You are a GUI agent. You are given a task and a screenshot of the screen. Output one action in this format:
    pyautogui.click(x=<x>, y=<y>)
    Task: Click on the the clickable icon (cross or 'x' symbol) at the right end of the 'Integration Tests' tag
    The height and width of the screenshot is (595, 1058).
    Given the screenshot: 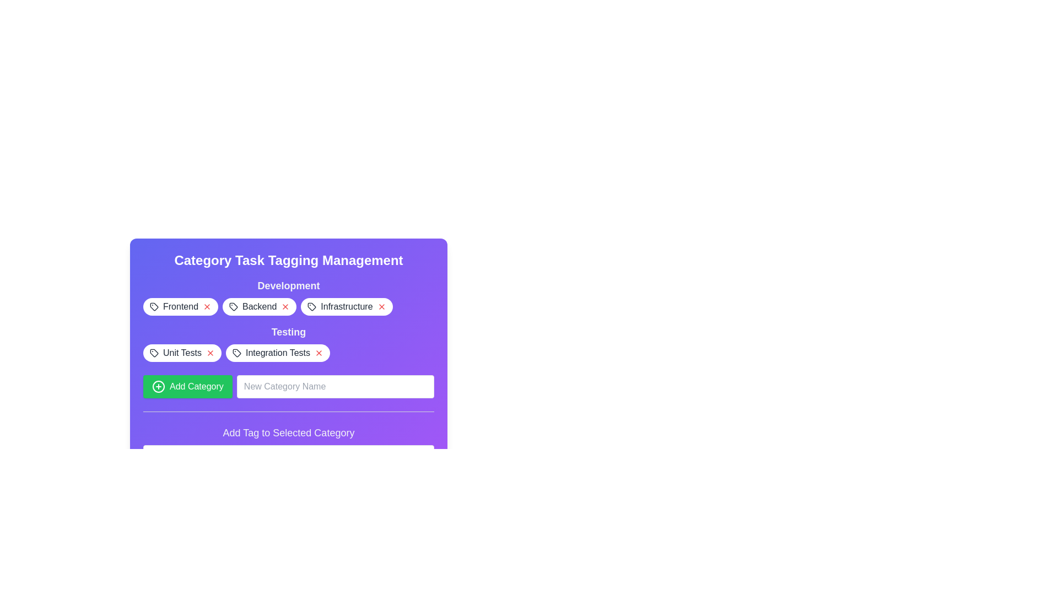 What is the action you would take?
    pyautogui.click(x=319, y=353)
    